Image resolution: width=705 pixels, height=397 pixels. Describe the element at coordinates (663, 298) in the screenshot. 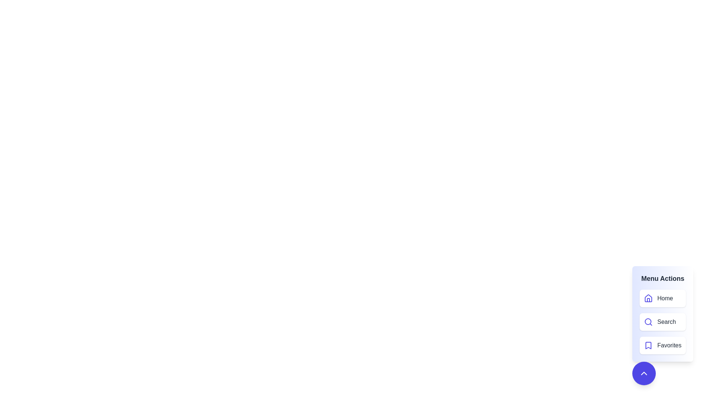

I see `the menu item labeled Home to navigate to the corresponding section` at that location.